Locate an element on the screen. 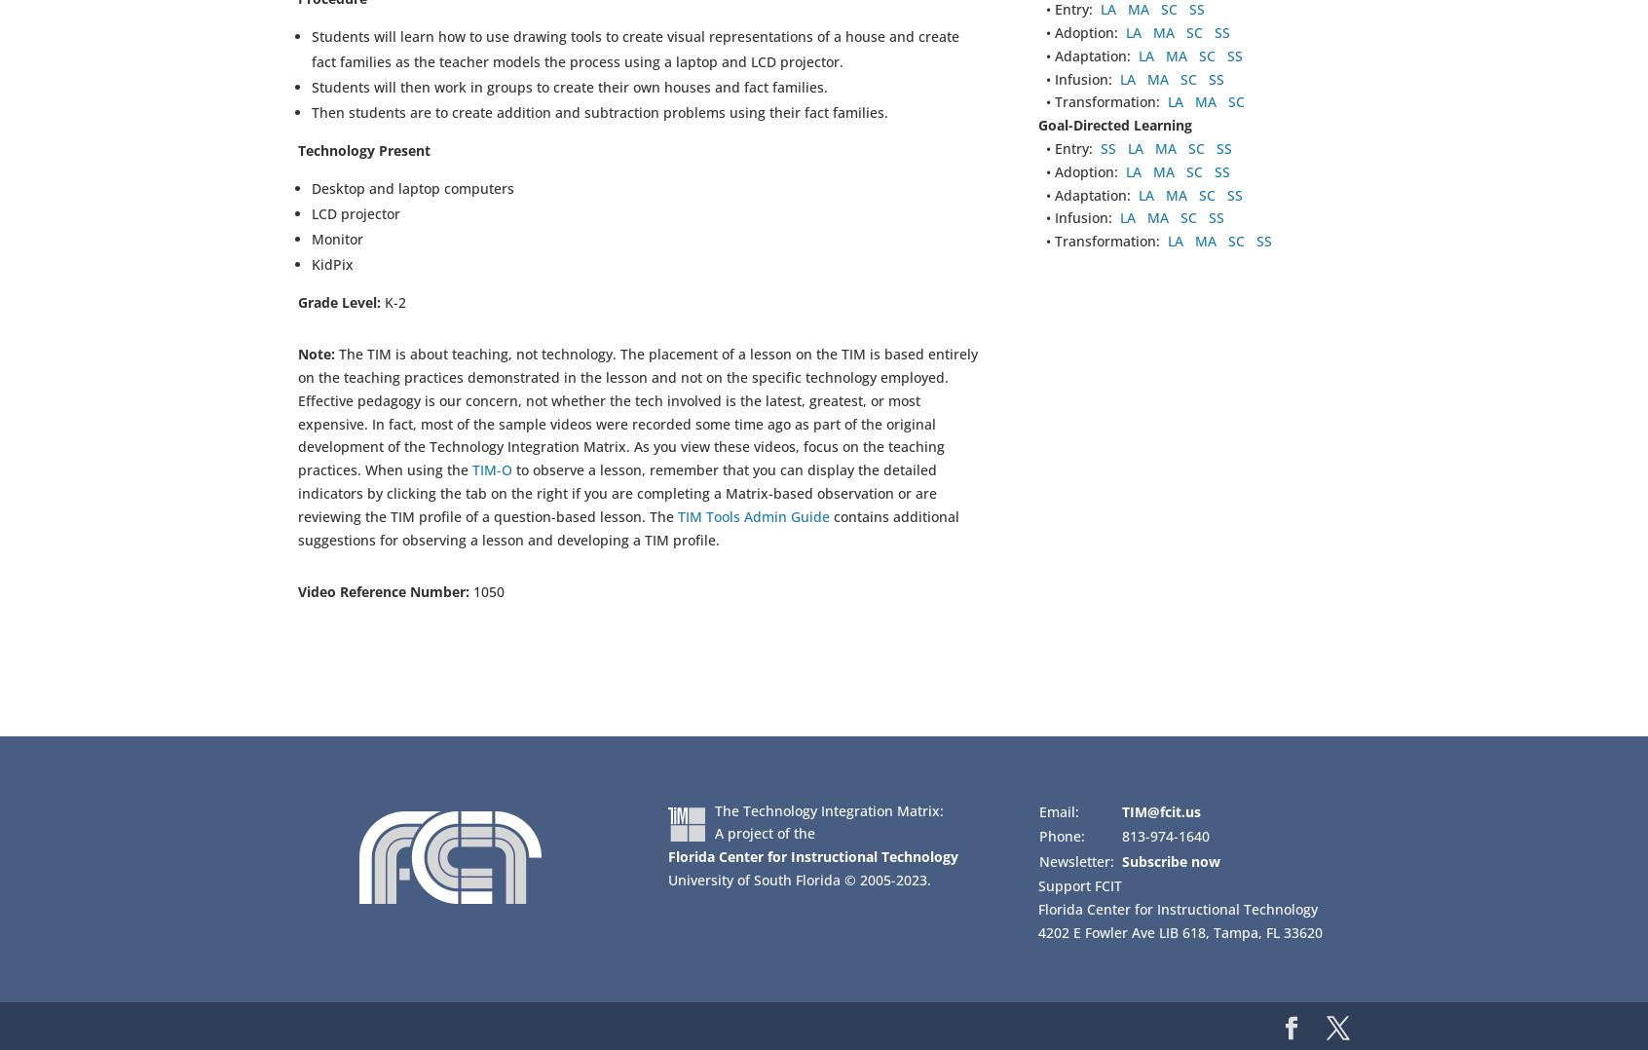  'Desktop and laptop computers' is located at coordinates (412, 186).